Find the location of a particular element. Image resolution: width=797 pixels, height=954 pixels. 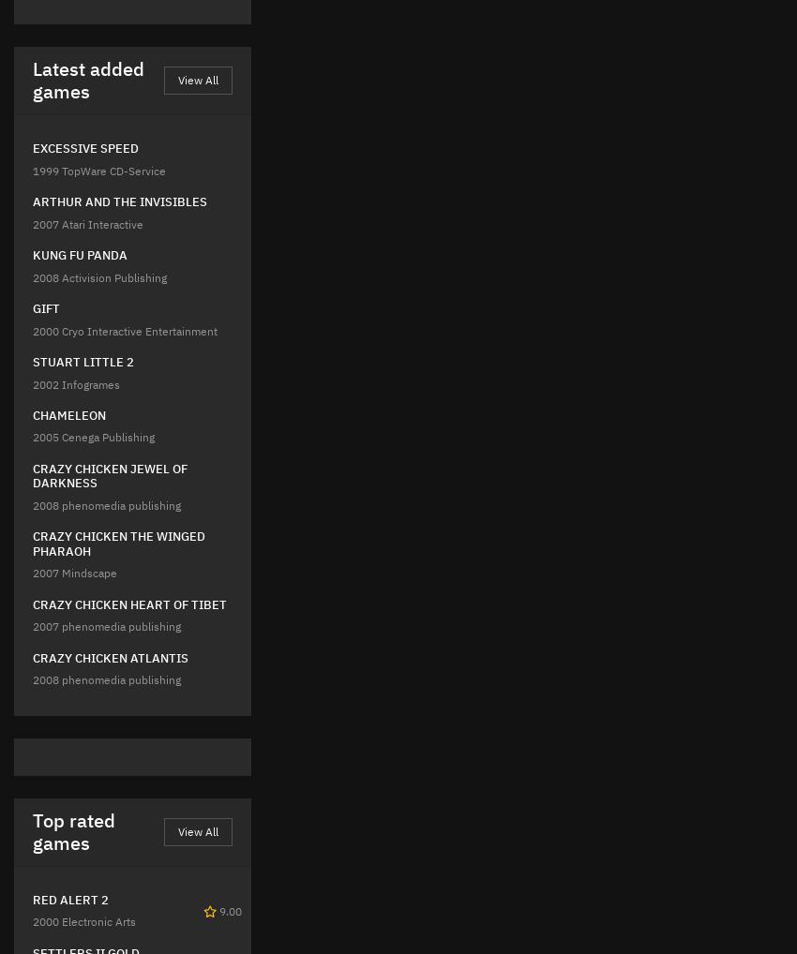

'CRAZY CHICKEN THE WINGED PHARAOH' is located at coordinates (117, 543).